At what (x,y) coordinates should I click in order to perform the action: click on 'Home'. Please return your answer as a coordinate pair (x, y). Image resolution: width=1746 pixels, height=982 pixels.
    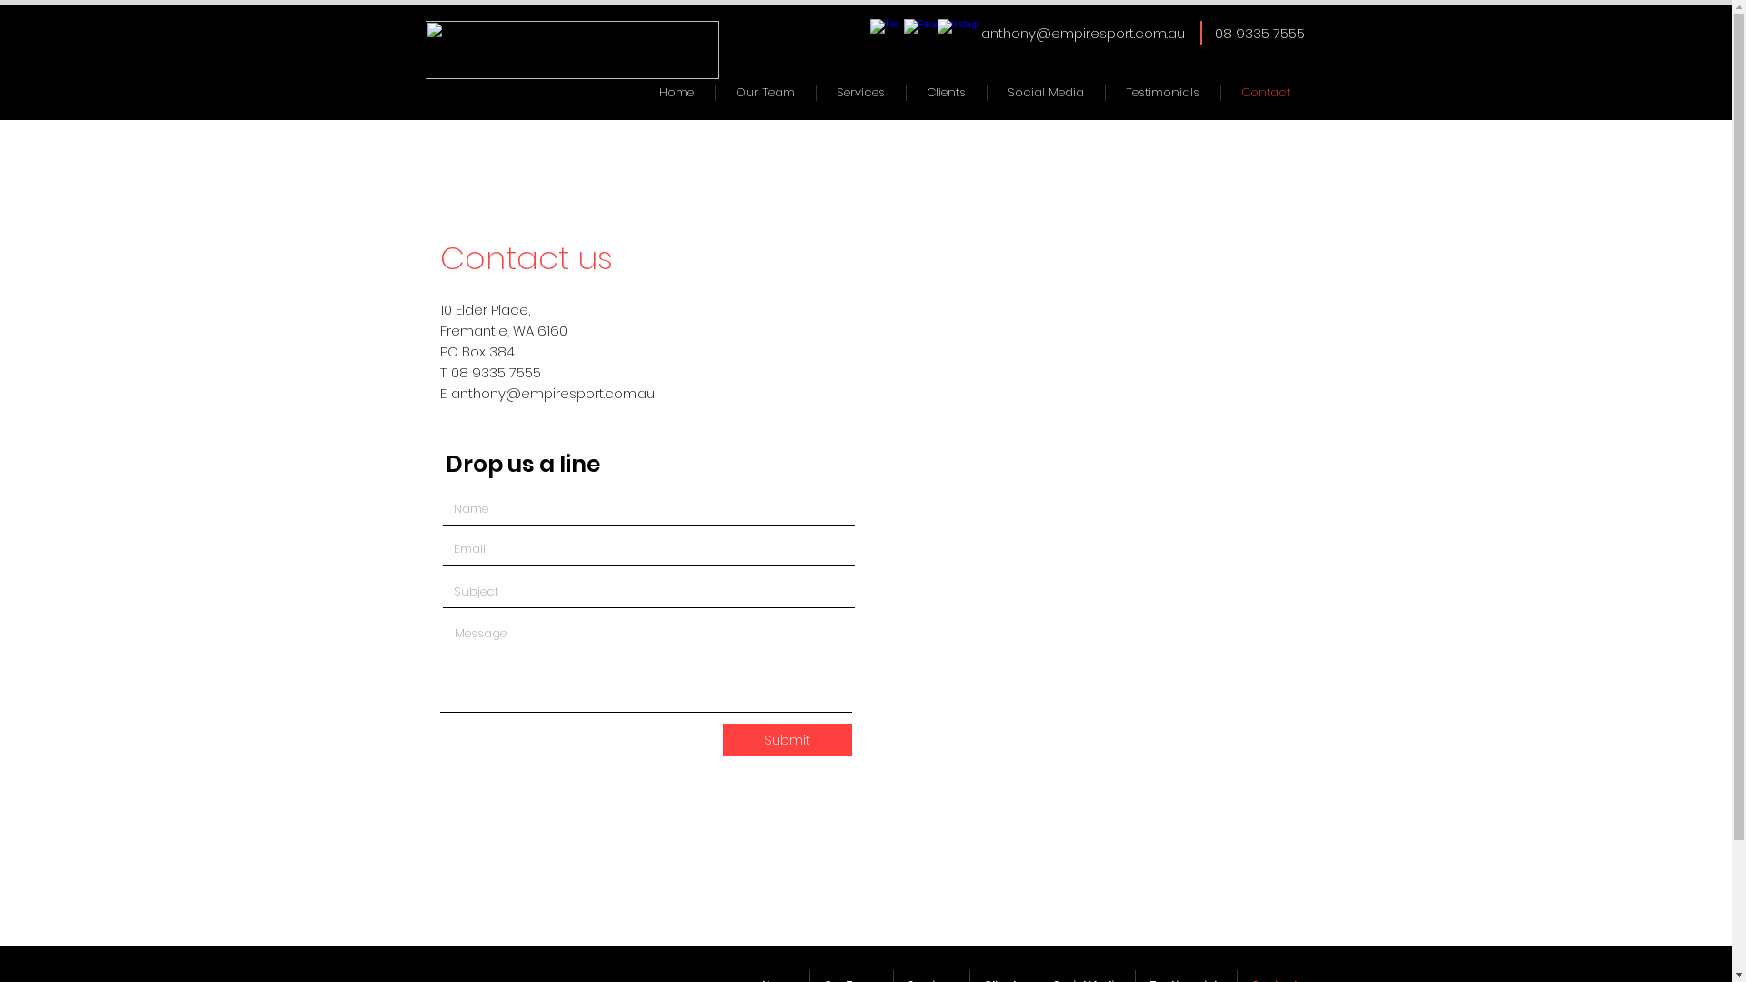
    Looking at the image, I should click on (675, 92).